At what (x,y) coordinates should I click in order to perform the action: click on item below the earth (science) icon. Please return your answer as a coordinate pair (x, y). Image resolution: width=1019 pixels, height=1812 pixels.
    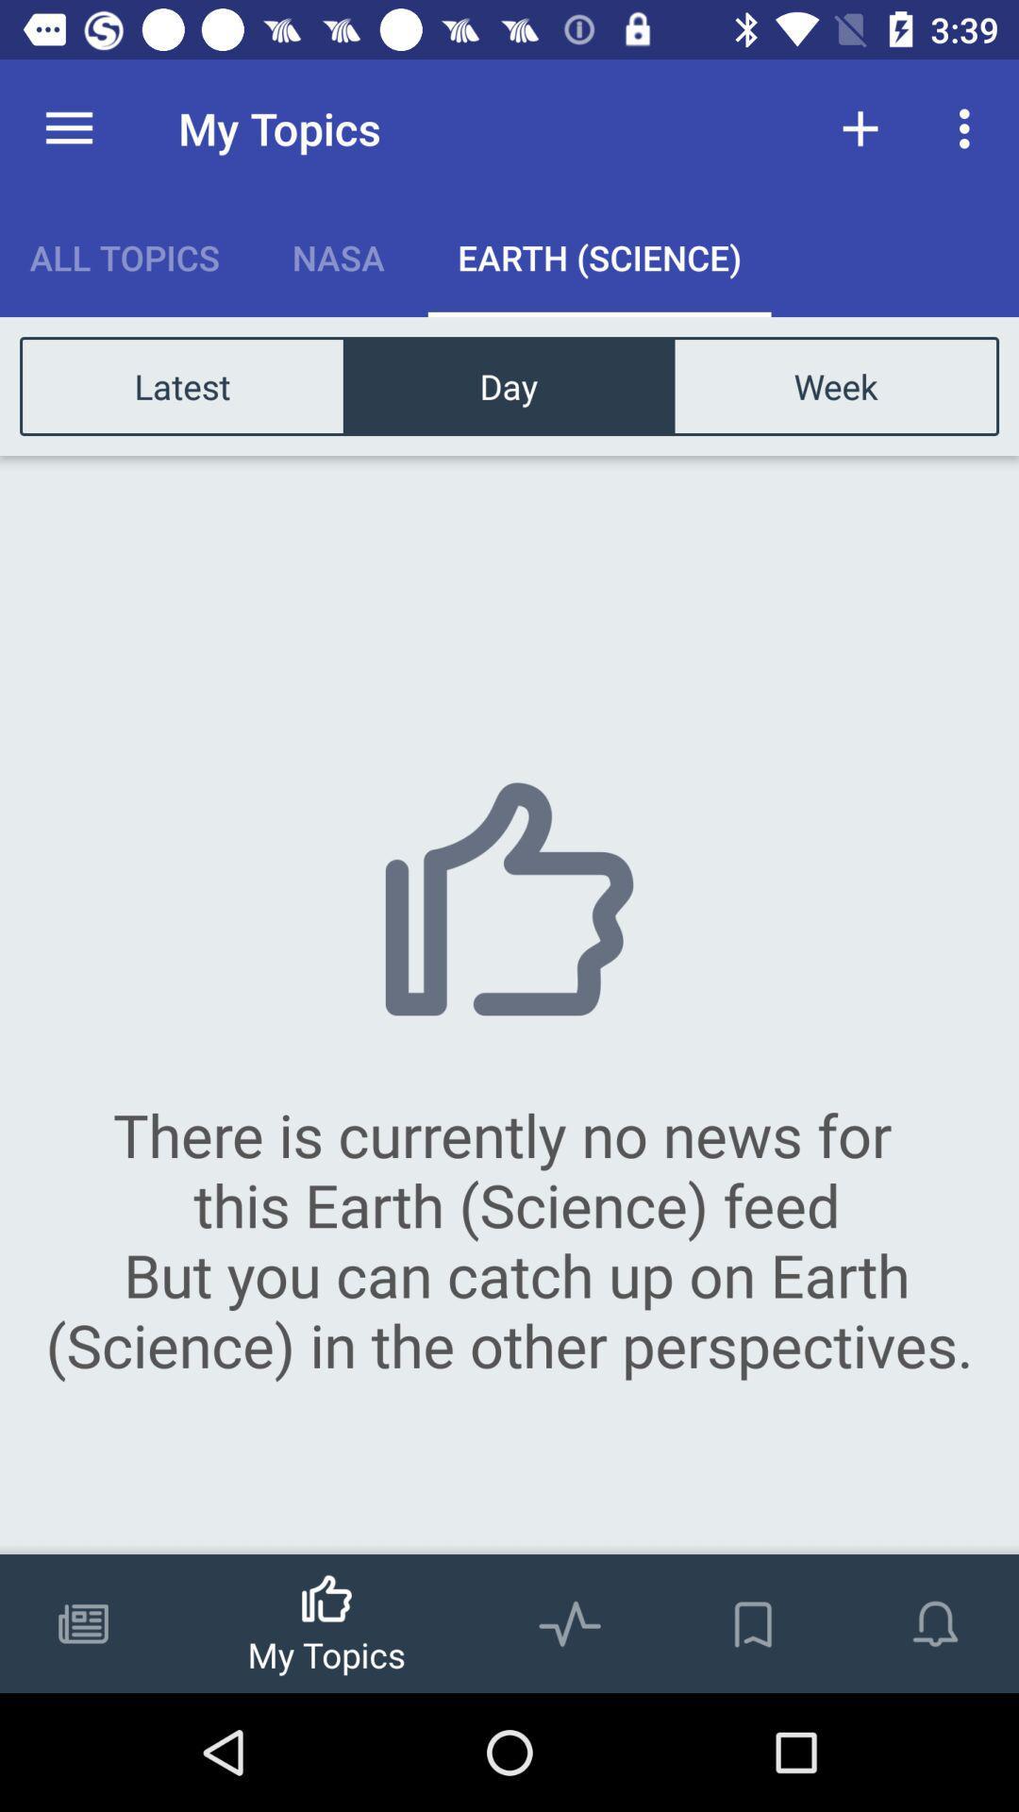
    Looking at the image, I should click on (834, 385).